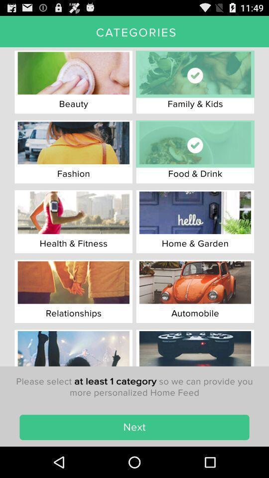 The image size is (269, 478). I want to click on next item, so click(134, 427).